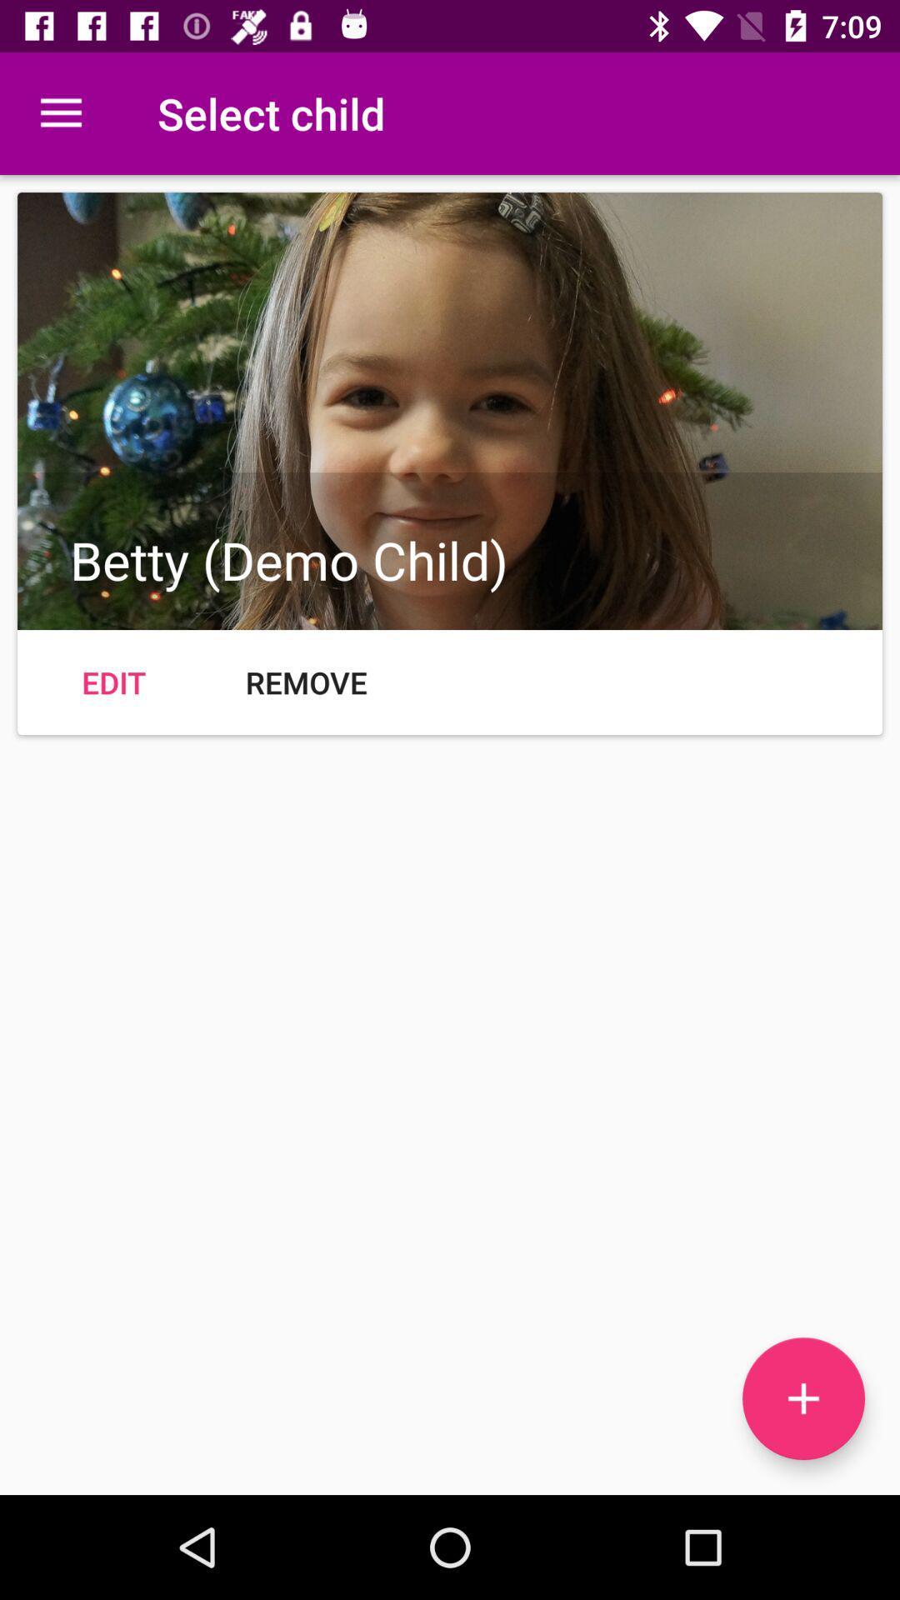 The width and height of the screenshot is (900, 1600). What do you see at coordinates (802, 1398) in the screenshot?
I see `moment` at bounding box center [802, 1398].